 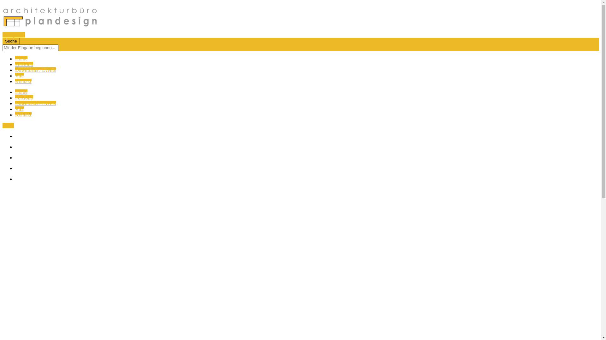 What do you see at coordinates (24, 98) in the screenshot?
I see `'Portfolio'` at bounding box center [24, 98].